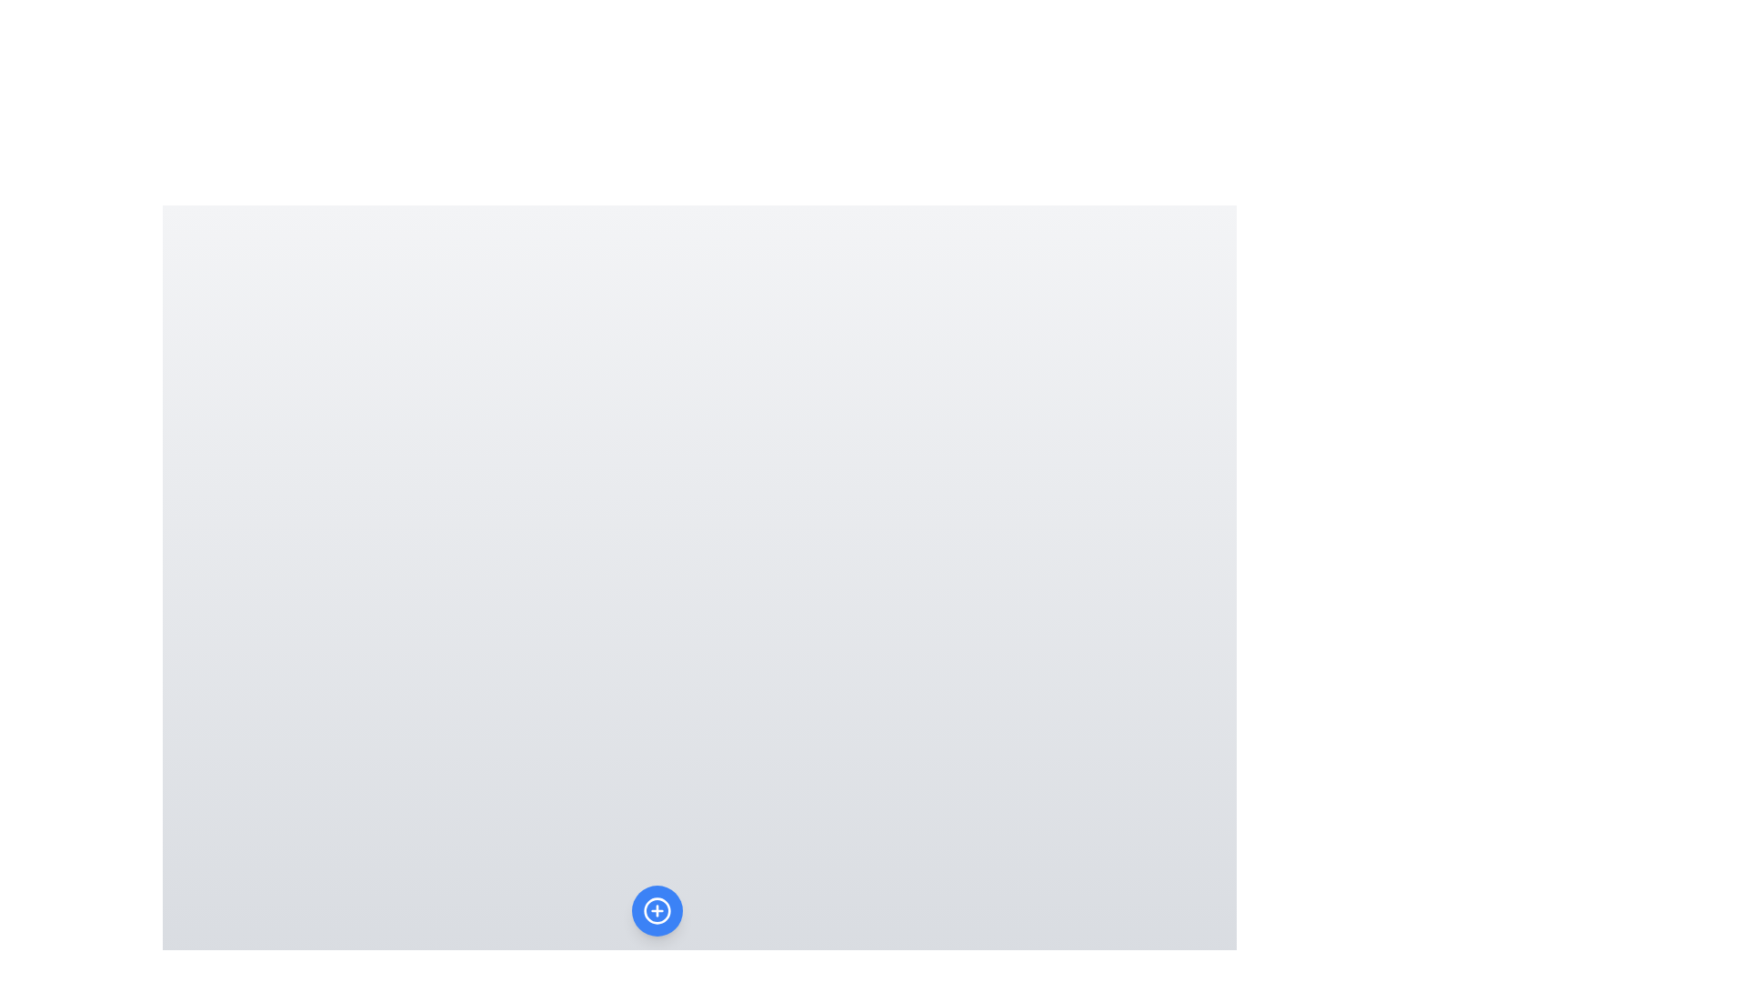  I want to click on the main button to toggle the menu visibility, so click(657, 911).